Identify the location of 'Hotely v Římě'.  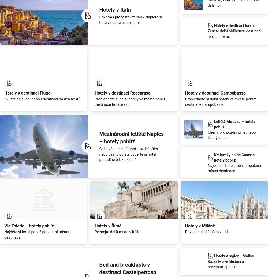
(108, 225).